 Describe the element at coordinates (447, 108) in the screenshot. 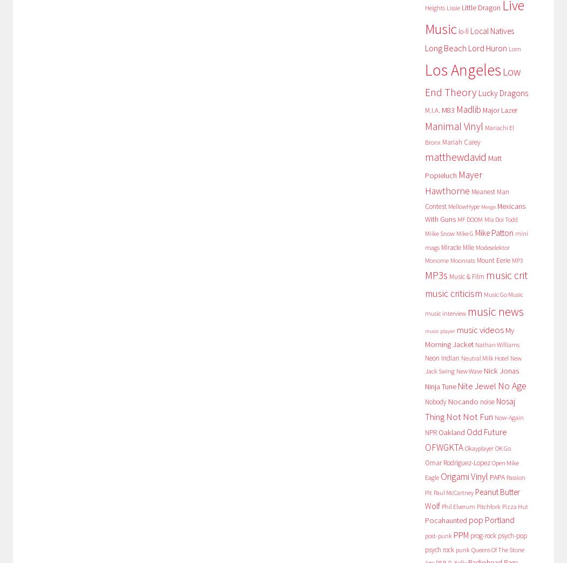

I see `'M83'` at that location.